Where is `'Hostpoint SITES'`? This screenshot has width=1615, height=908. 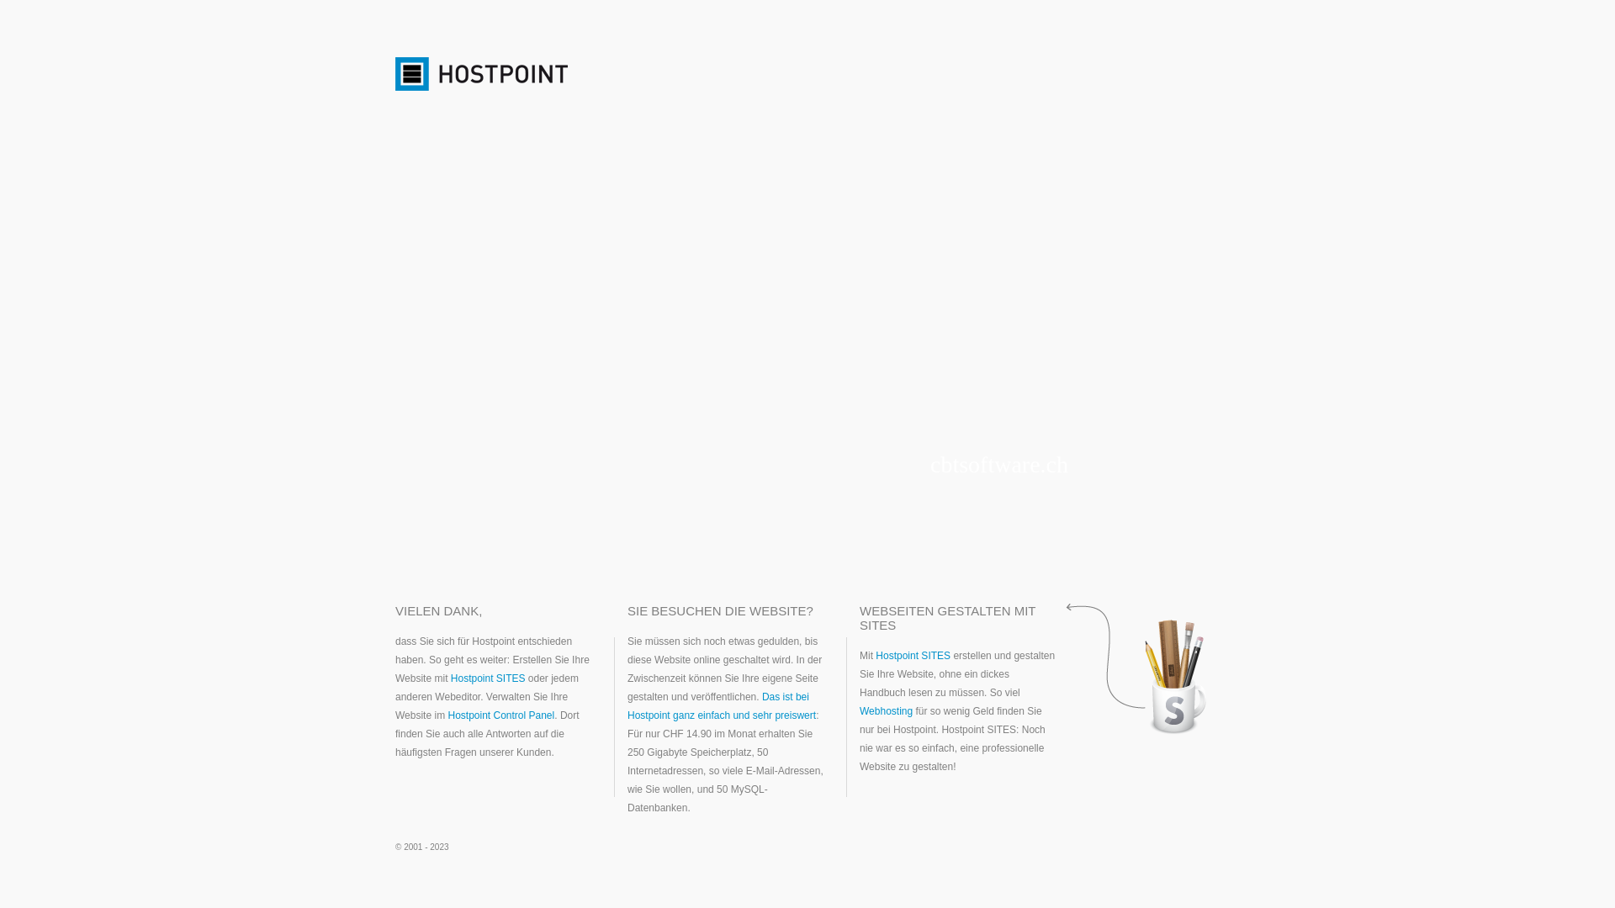
'Hostpoint SITES' is located at coordinates (875, 654).